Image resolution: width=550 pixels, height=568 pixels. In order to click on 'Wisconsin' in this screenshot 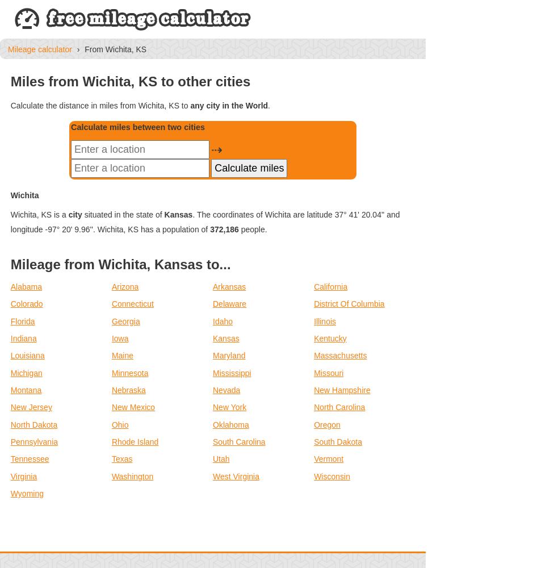, I will do `click(331, 475)`.